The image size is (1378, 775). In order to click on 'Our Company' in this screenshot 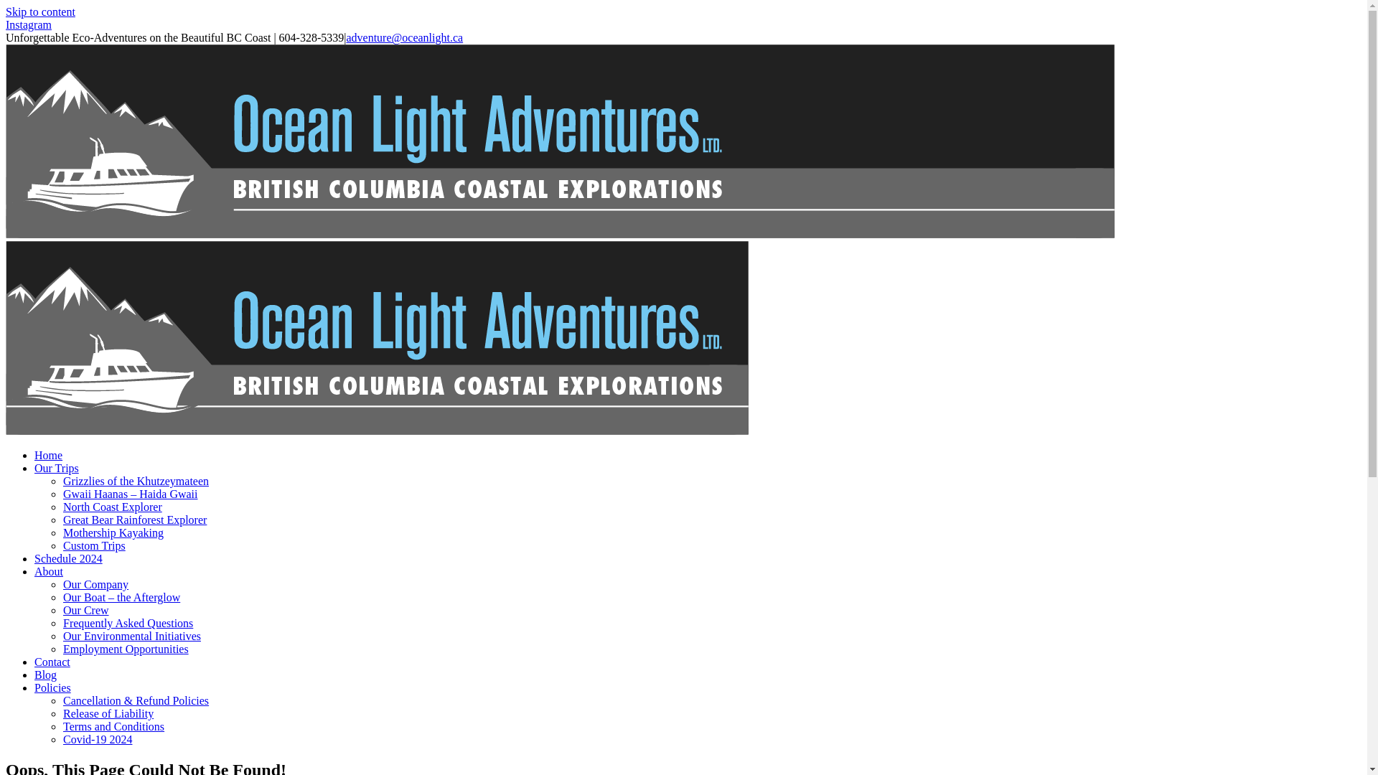, I will do `click(95, 584)`.